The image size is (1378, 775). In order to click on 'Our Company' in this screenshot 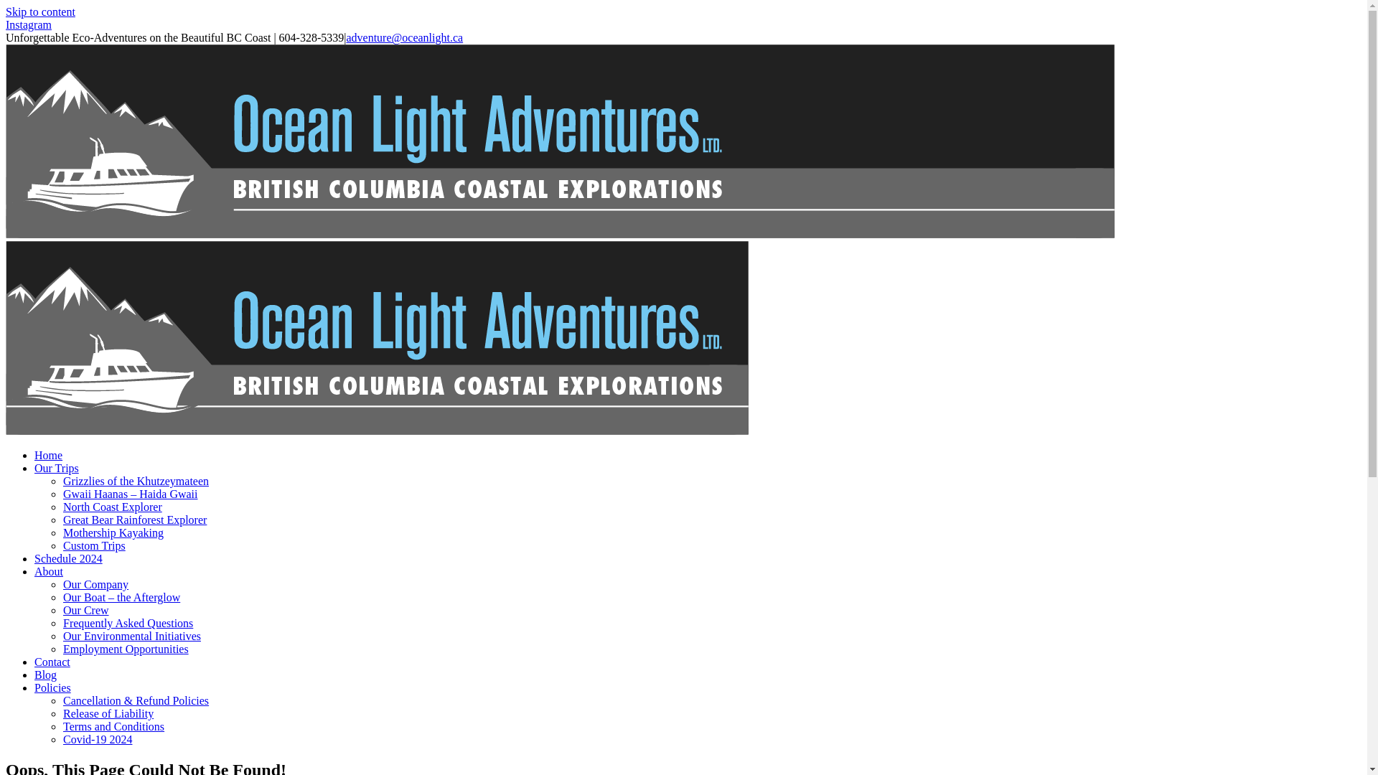, I will do `click(95, 584)`.